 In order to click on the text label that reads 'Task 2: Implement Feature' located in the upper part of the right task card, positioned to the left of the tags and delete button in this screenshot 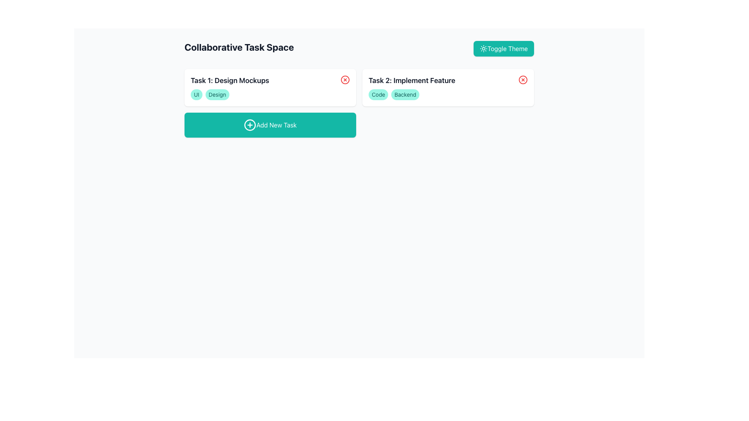, I will do `click(412, 81)`.